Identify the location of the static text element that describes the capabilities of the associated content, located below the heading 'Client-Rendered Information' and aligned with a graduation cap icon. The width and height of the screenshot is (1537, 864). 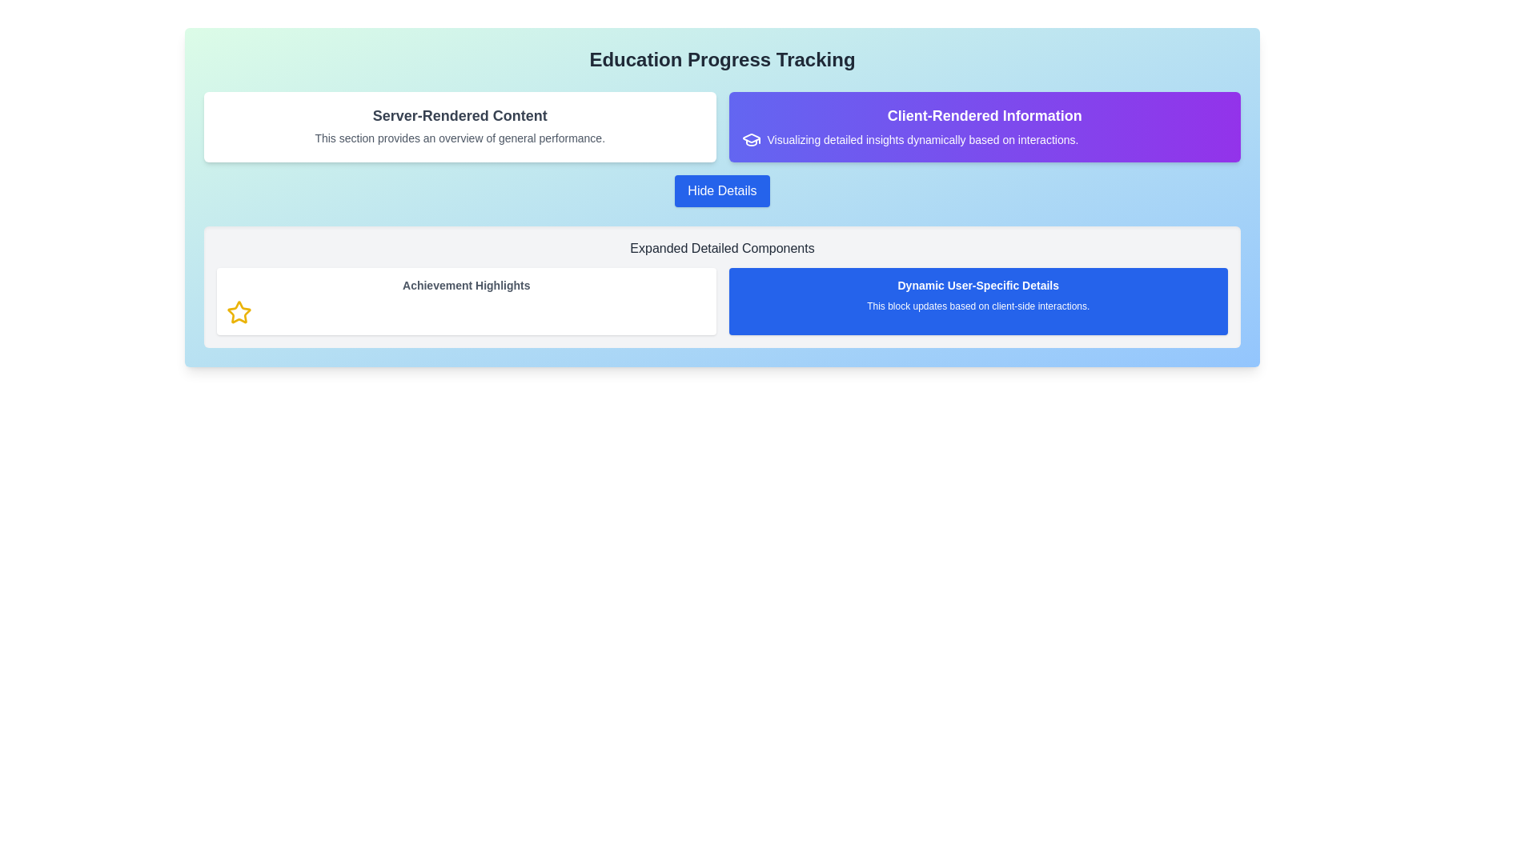
(984, 138).